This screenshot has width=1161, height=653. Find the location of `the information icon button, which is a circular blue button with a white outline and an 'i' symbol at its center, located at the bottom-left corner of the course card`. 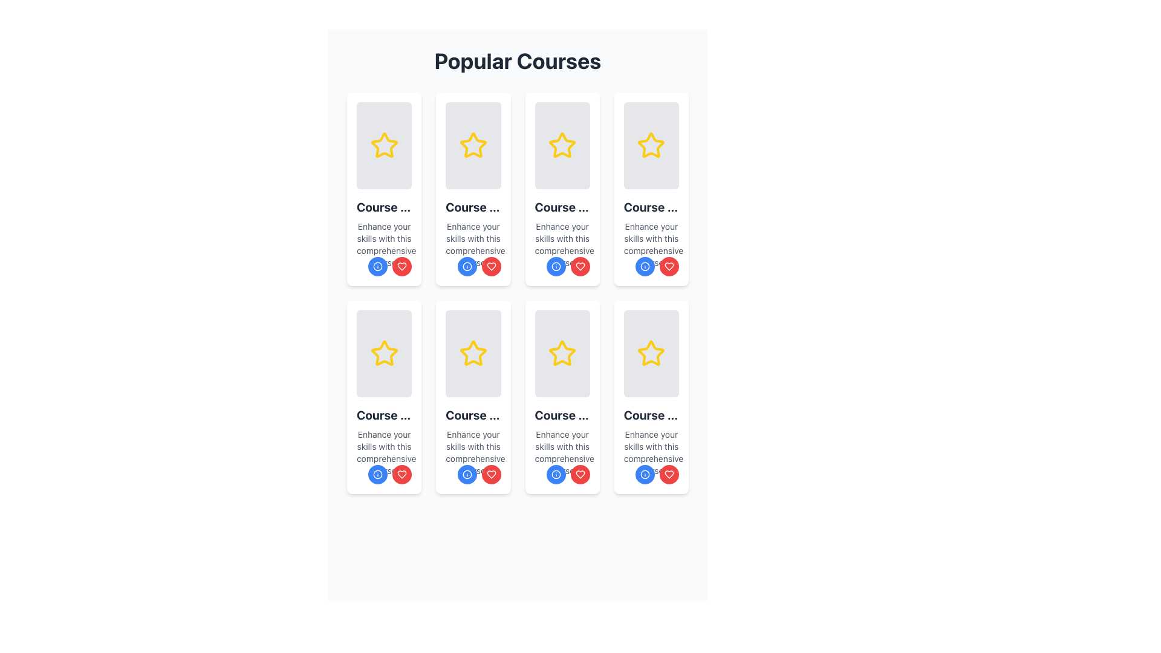

the information icon button, which is a circular blue button with a white outline and an 'i' symbol at its center, located at the bottom-left corner of the course card is located at coordinates (644, 265).